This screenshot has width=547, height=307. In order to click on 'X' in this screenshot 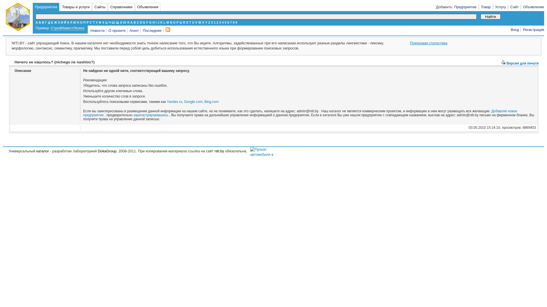, I will do `click(203, 22)`.